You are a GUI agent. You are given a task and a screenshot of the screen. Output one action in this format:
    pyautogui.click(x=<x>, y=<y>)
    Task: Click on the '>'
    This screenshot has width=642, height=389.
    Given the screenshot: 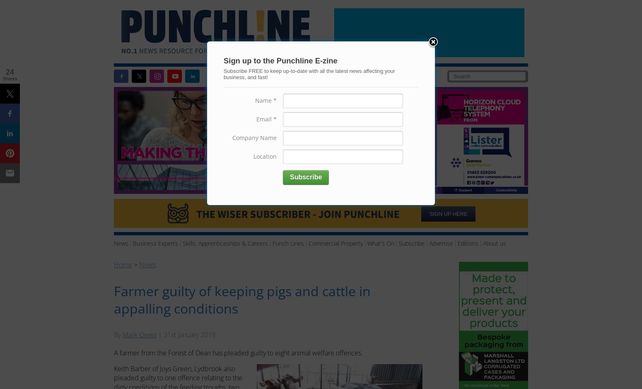 What is the action you would take?
    pyautogui.click(x=135, y=263)
    